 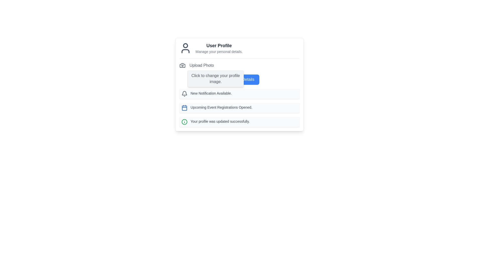 What do you see at coordinates (184, 107) in the screenshot?
I see `the small square icon with rounded corners, styled with a blue outline, located within the larger calendar icon next to the text 'Upcoming Event Registrations Opened'` at bounding box center [184, 107].